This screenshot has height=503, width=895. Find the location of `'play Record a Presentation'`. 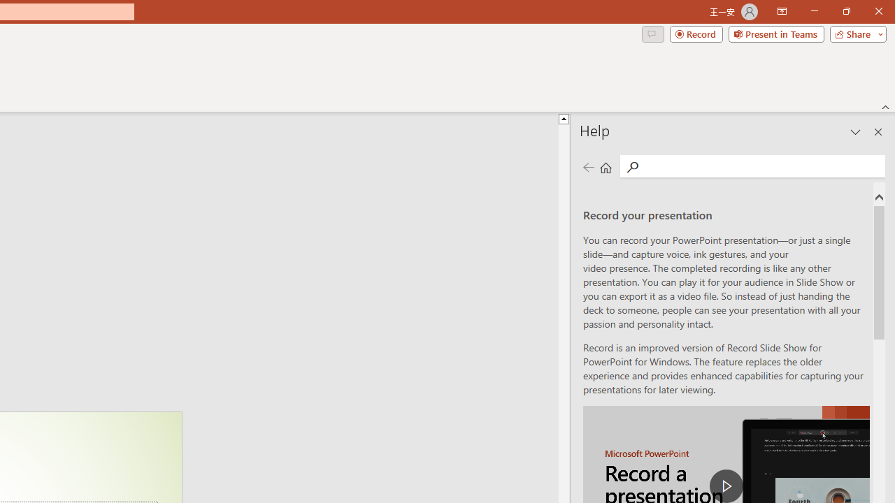

'play Record a Presentation' is located at coordinates (726, 485).